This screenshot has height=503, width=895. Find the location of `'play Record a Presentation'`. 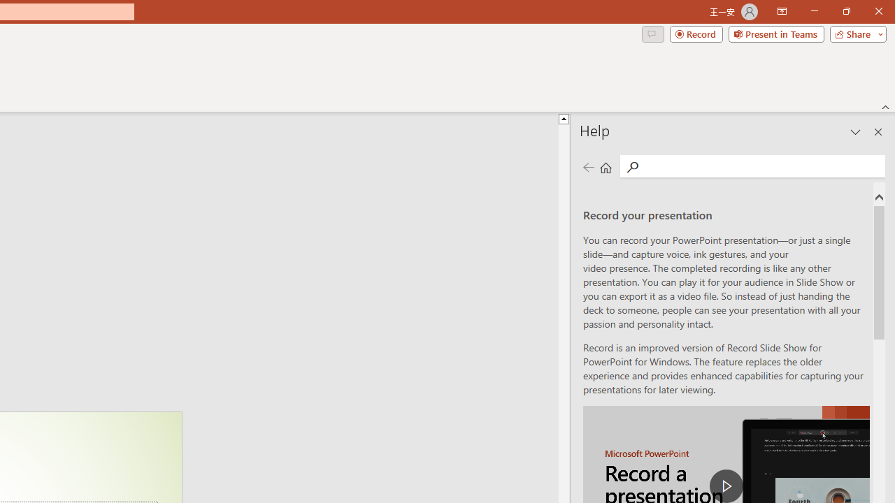

'play Record a Presentation' is located at coordinates (726, 485).